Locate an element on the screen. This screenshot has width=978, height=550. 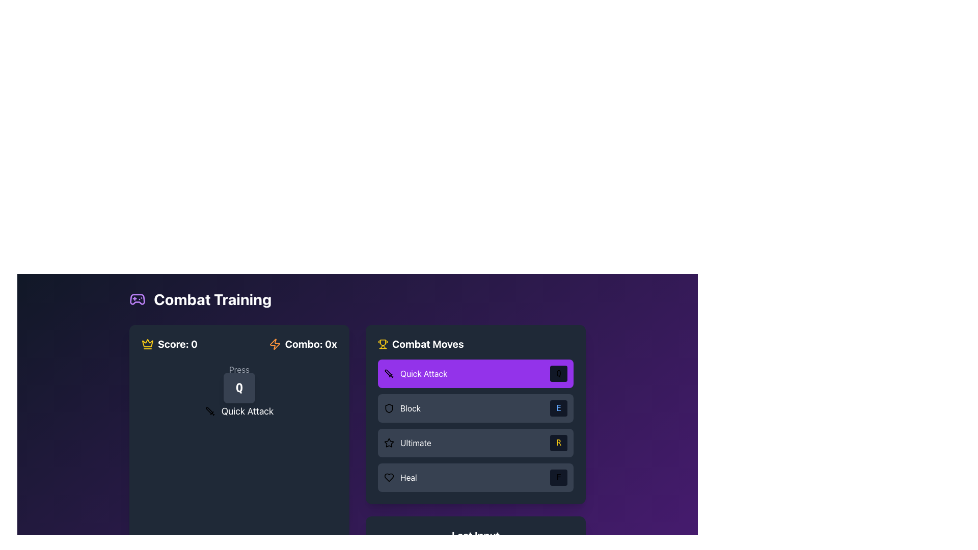
the button-like display element representing the key prompt 'Q', located in the left panel of the 'Combat Training' interface, positioned below the text 'Press' is located at coordinates (239, 388).